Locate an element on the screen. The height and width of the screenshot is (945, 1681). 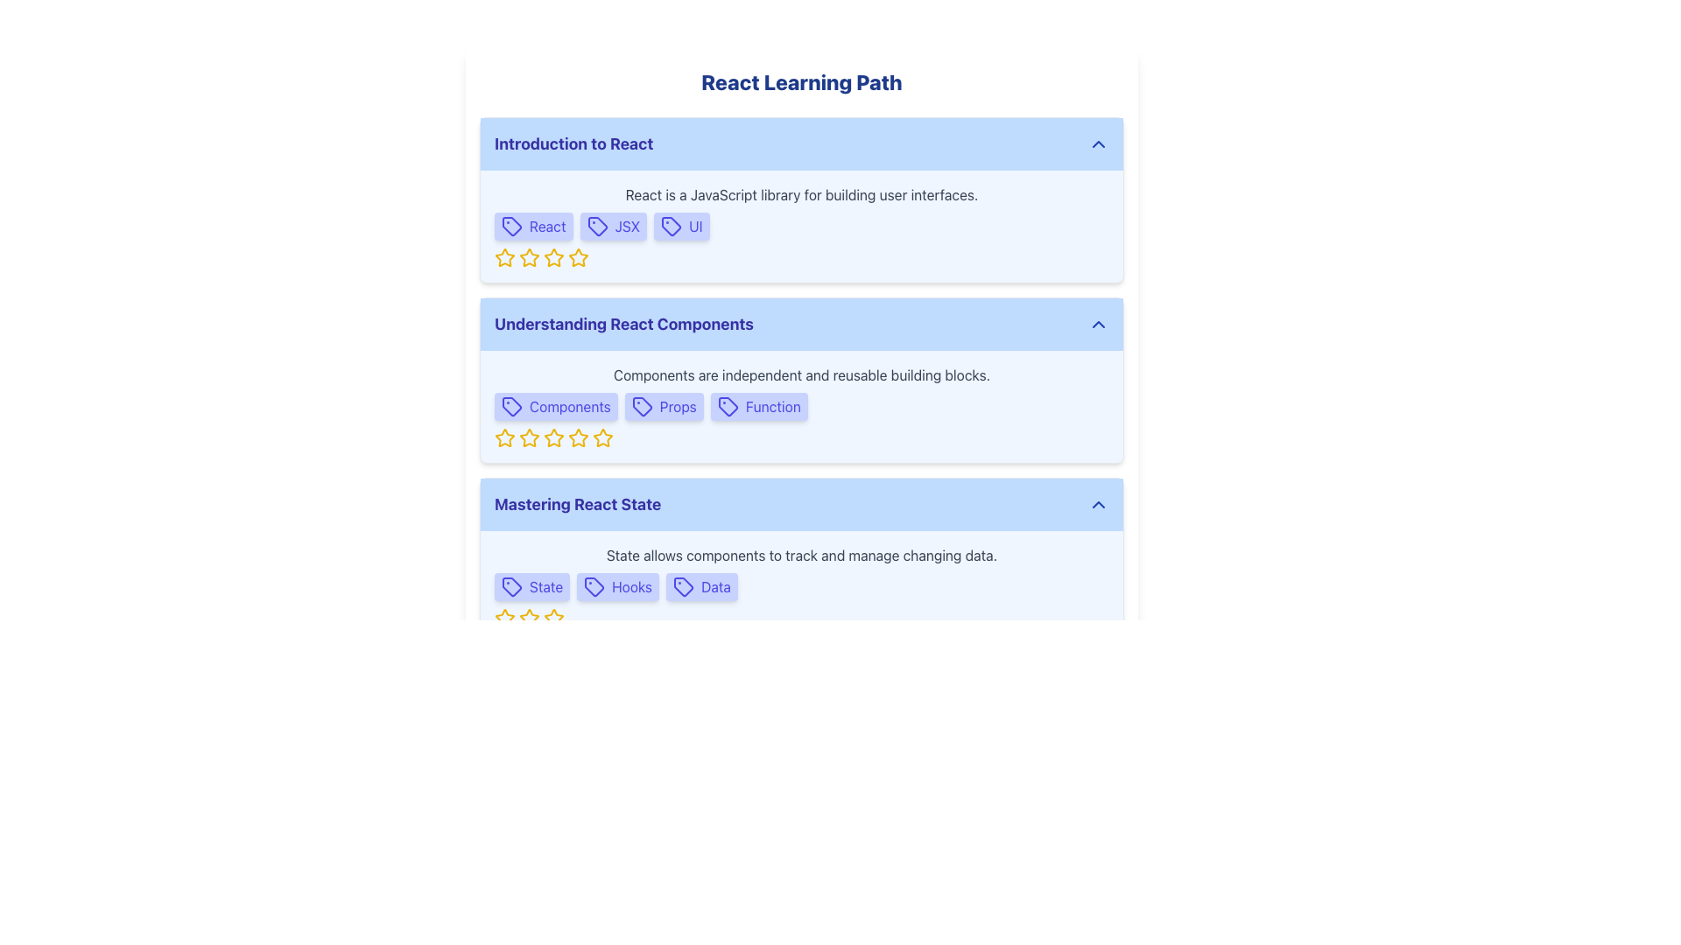
the Text Label that provides a descriptive text summarizing the purpose of React, located centrally within the light blue section titled 'Introduction to React.' is located at coordinates (801, 195).